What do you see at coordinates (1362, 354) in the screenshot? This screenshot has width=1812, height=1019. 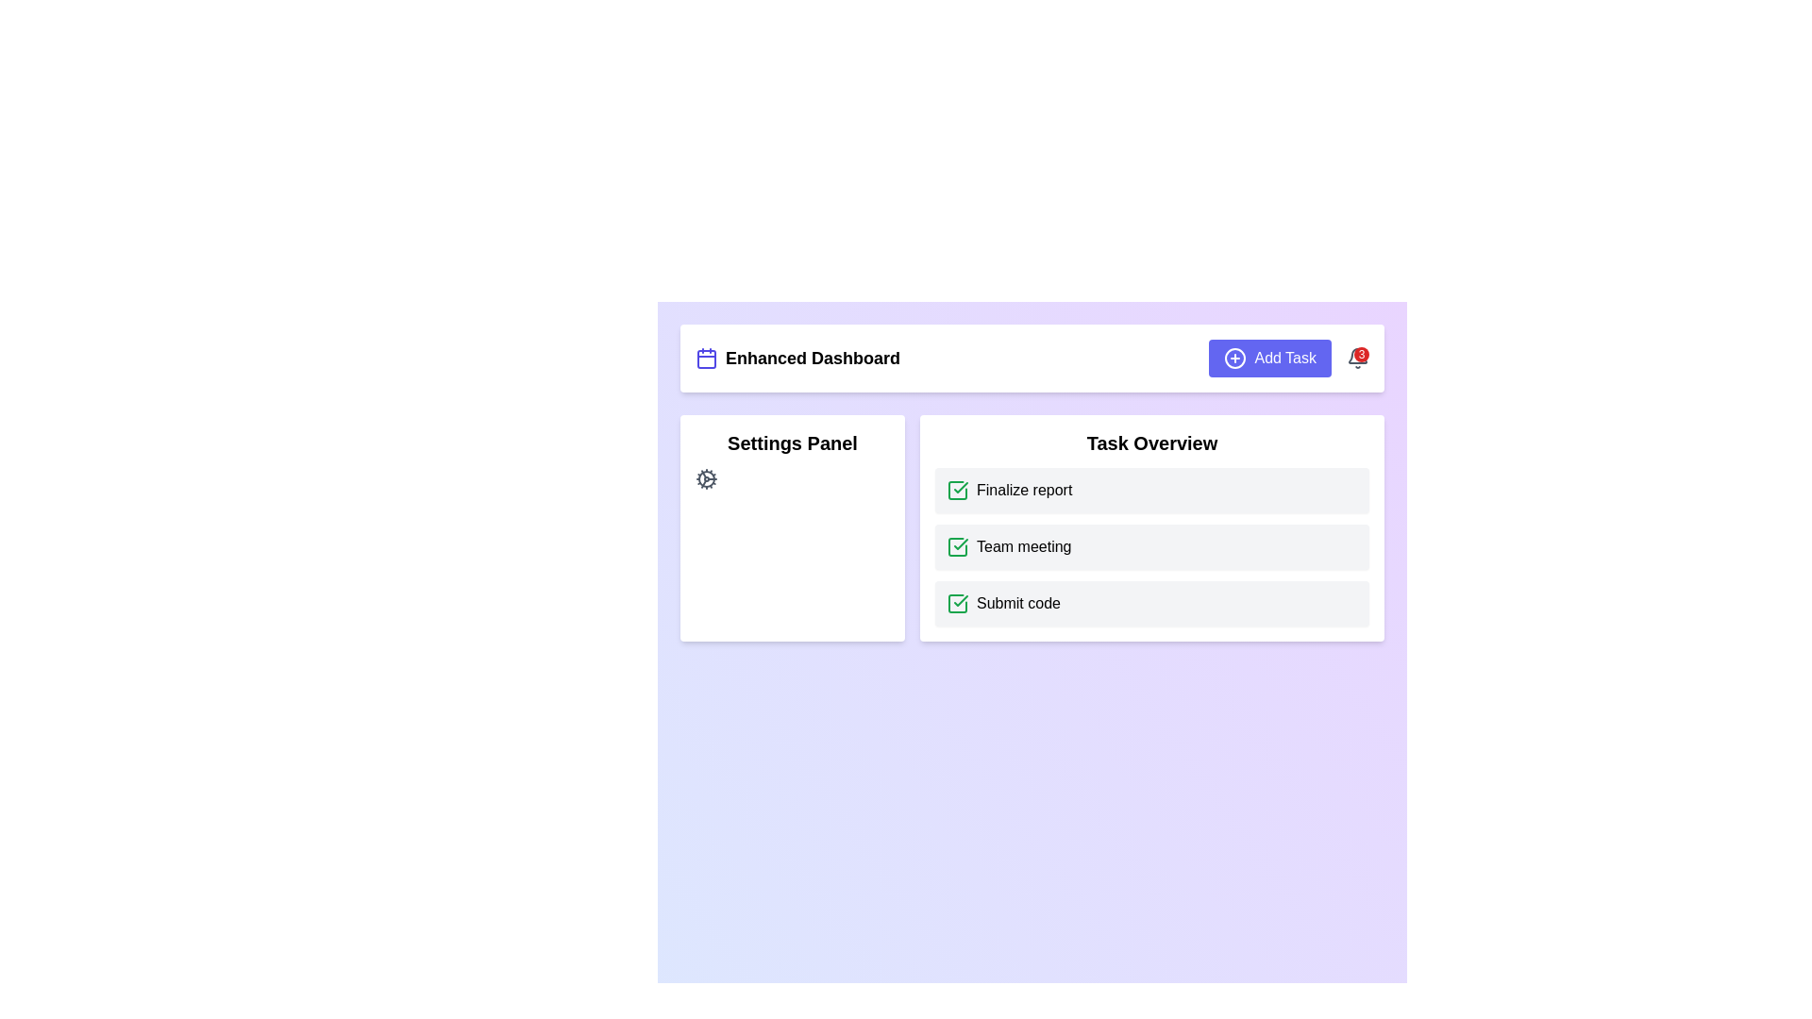 I see `content inside the Notification Badge, which is a small, circular red badge displaying the number '3', located at the upper-right edge of the bell icon` at bounding box center [1362, 354].